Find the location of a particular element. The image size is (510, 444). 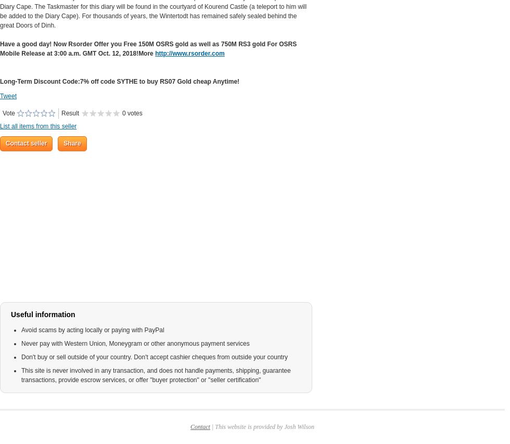

'Never pay with Western Union, Moneygram or other anonymous payment services' is located at coordinates (135, 343).